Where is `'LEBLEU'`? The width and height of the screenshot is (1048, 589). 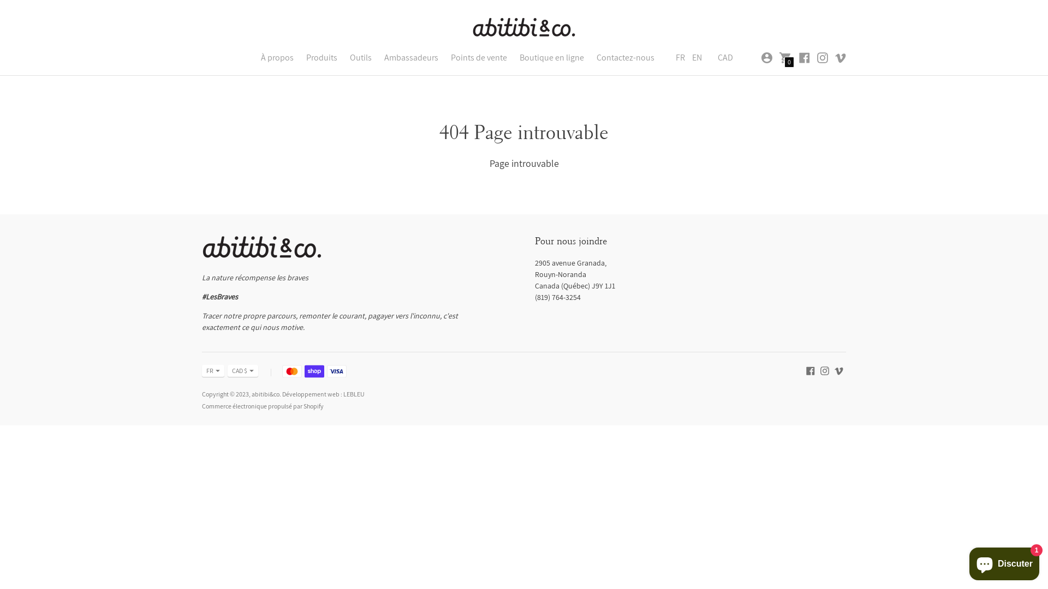 'LEBLEU' is located at coordinates (354, 394).